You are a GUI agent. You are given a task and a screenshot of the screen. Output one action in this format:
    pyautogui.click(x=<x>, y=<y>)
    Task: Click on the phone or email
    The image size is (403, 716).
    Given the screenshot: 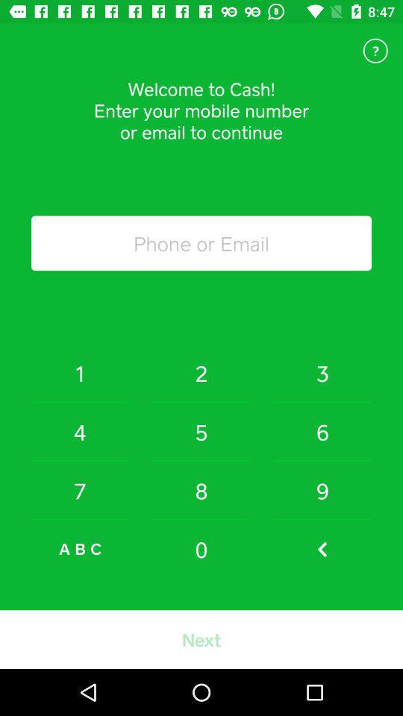 What is the action you would take?
    pyautogui.click(x=201, y=243)
    